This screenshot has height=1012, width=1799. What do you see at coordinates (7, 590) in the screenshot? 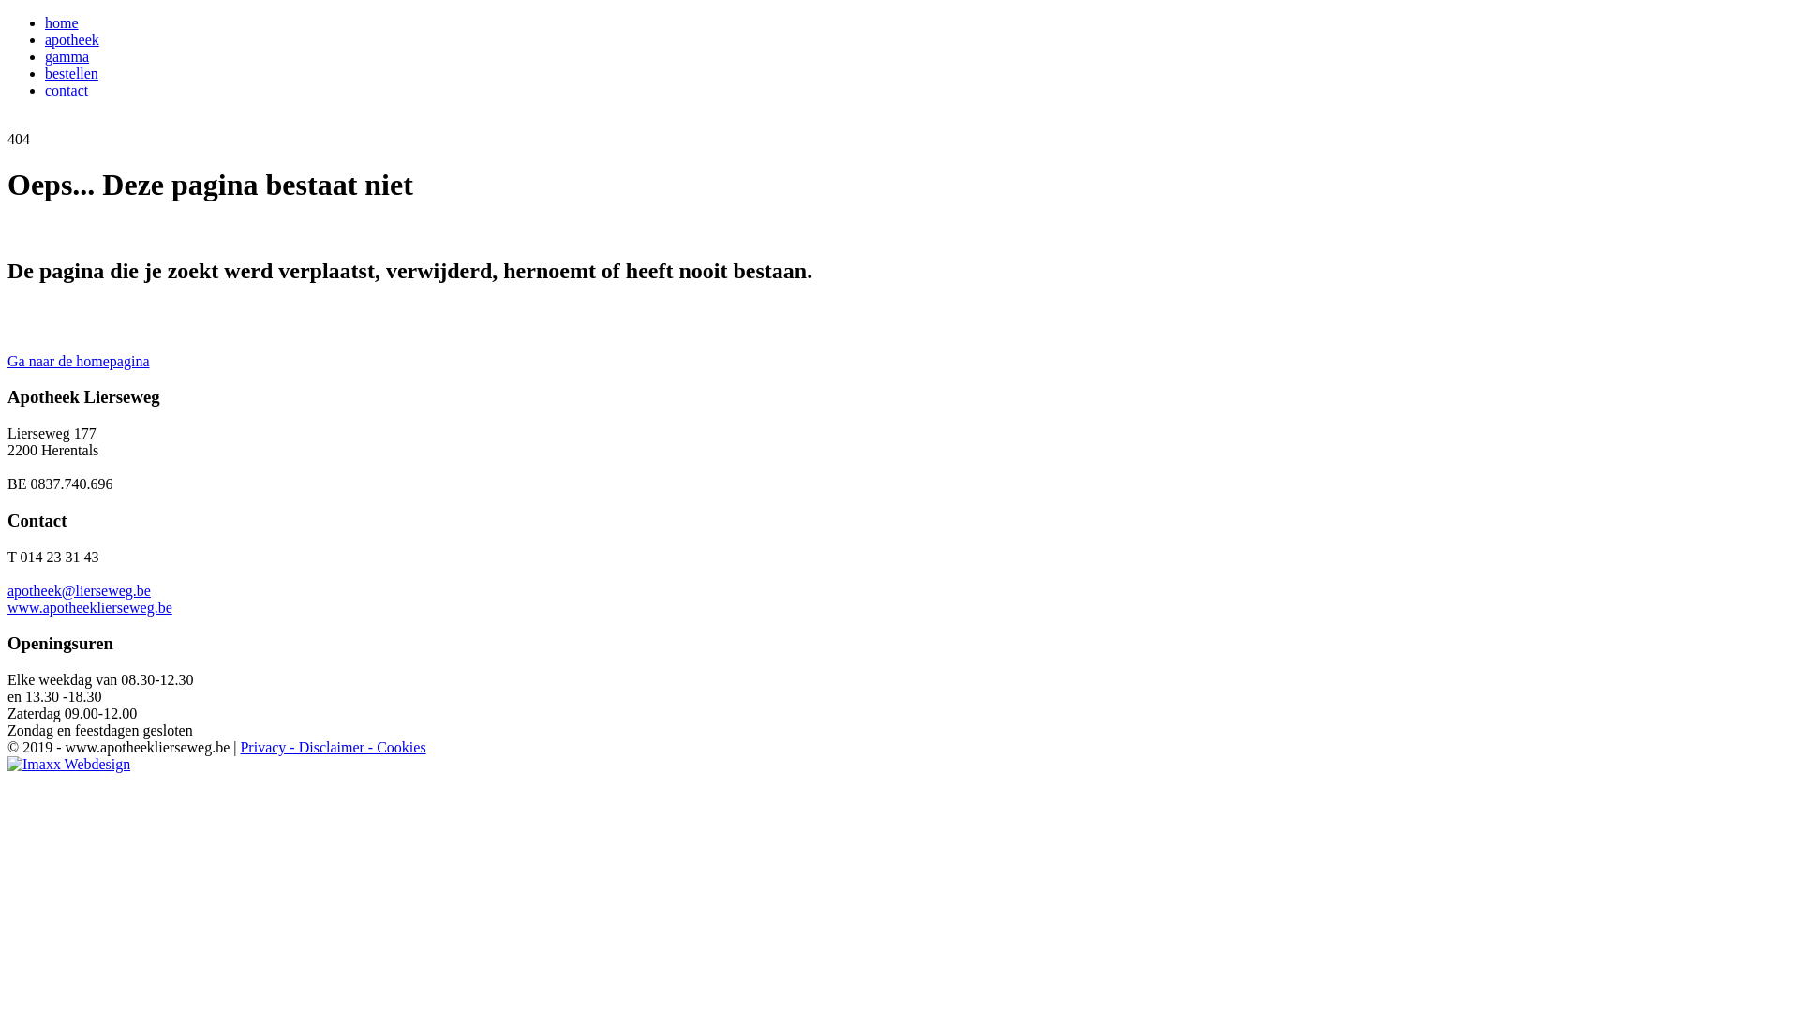
I see `'apotheek@lierseweg.be'` at bounding box center [7, 590].